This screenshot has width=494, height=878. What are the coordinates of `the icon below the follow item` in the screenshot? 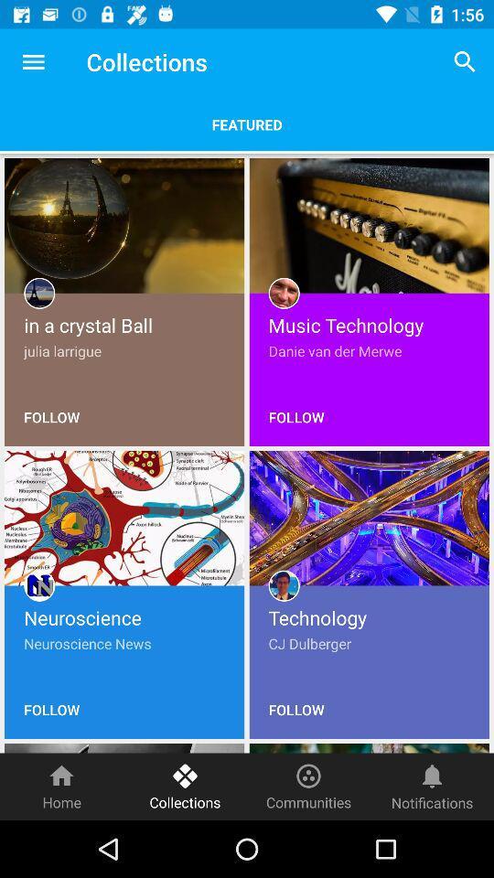 It's located at (308, 786).